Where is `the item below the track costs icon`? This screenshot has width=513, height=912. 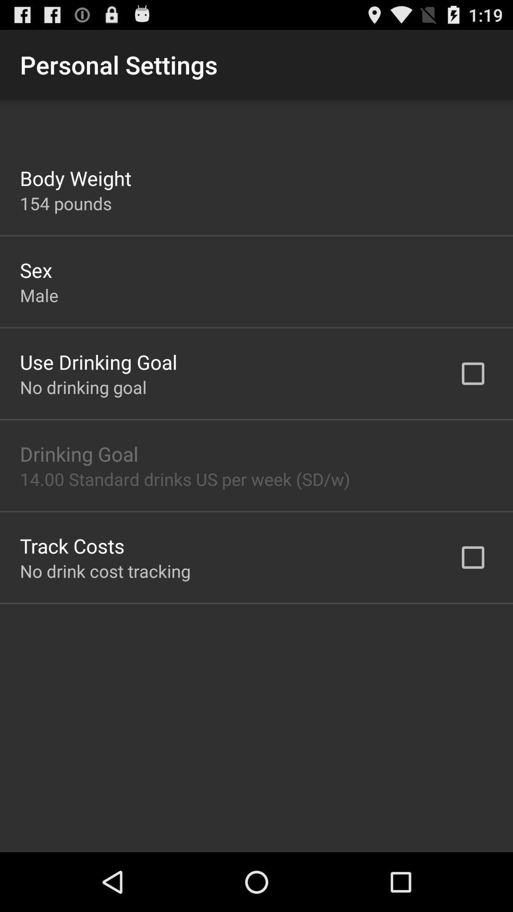 the item below the track costs icon is located at coordinates (105, 570).